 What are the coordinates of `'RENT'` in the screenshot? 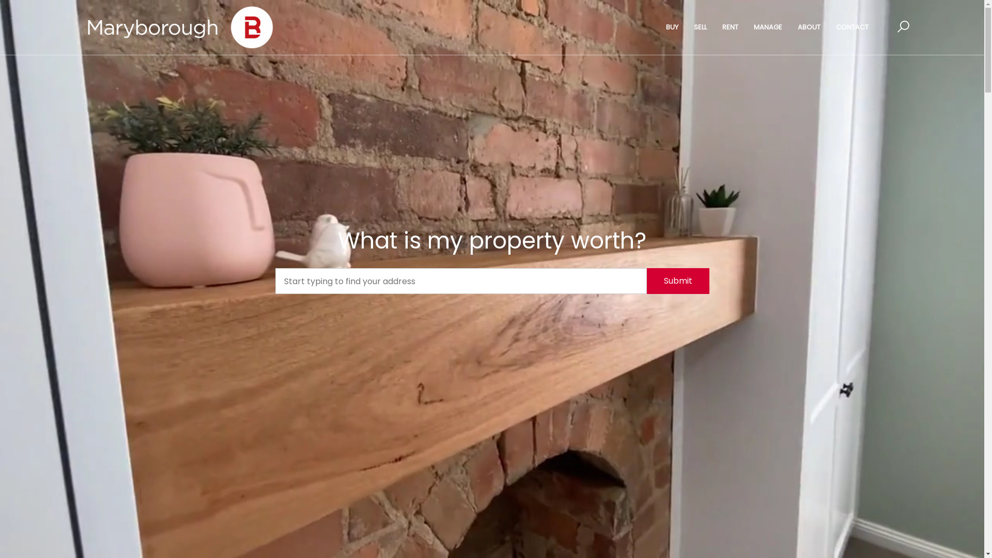 It's located at (730, 27).